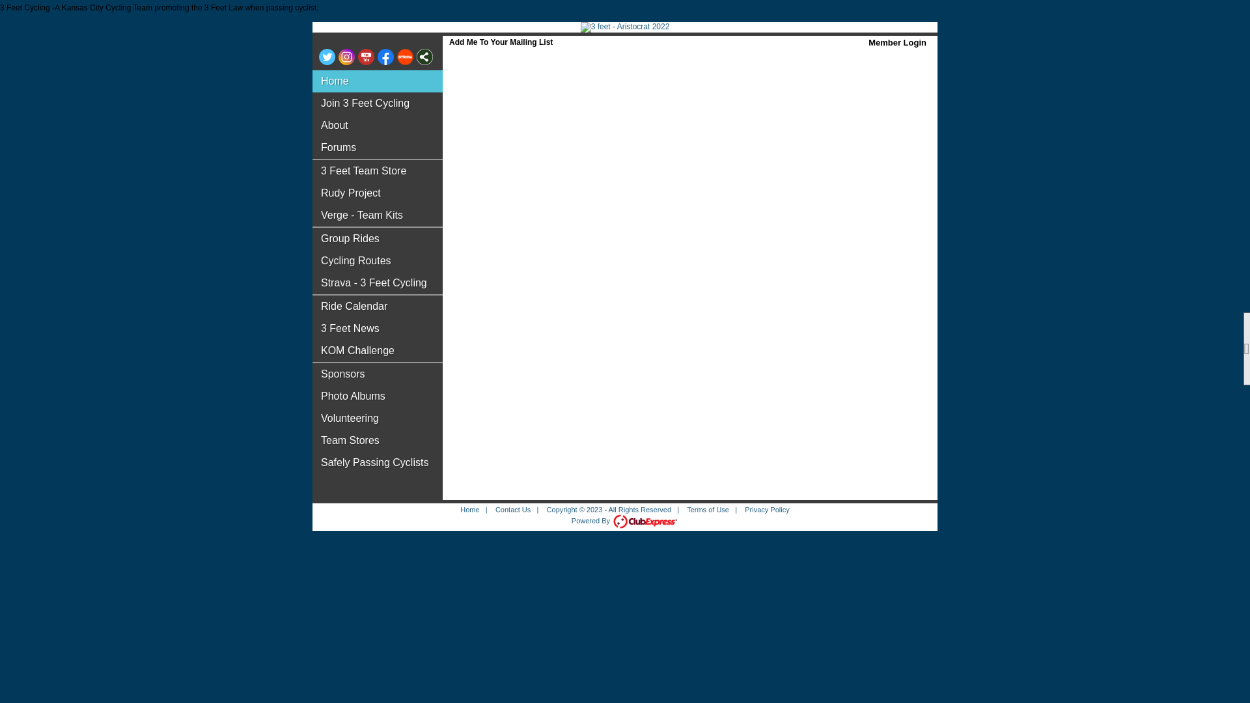 This screenshot has height=703, width=1250. What do you see at coordinates (385, 57) in the screenshot?
I see `'Visit us on Facebook'` at bounding box center [385, 57].